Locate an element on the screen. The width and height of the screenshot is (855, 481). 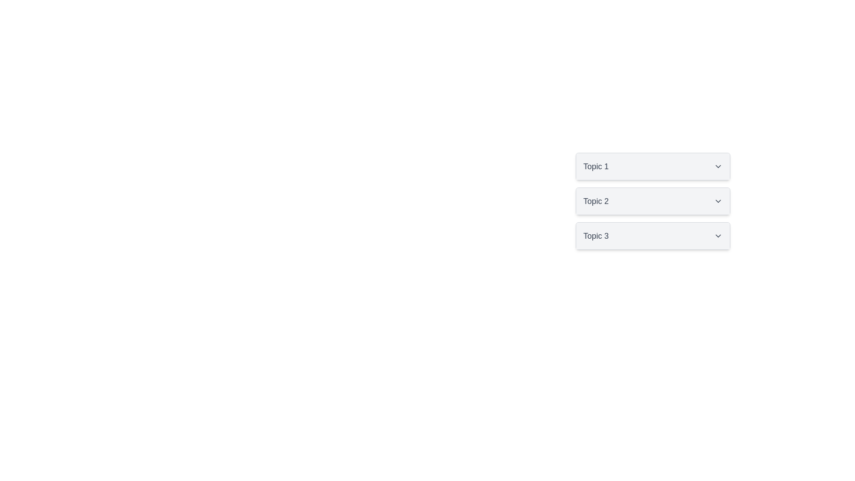
the chevron icon located at the rightmost edge of the 'Topic 3' button is located at coordinates (718, 235).